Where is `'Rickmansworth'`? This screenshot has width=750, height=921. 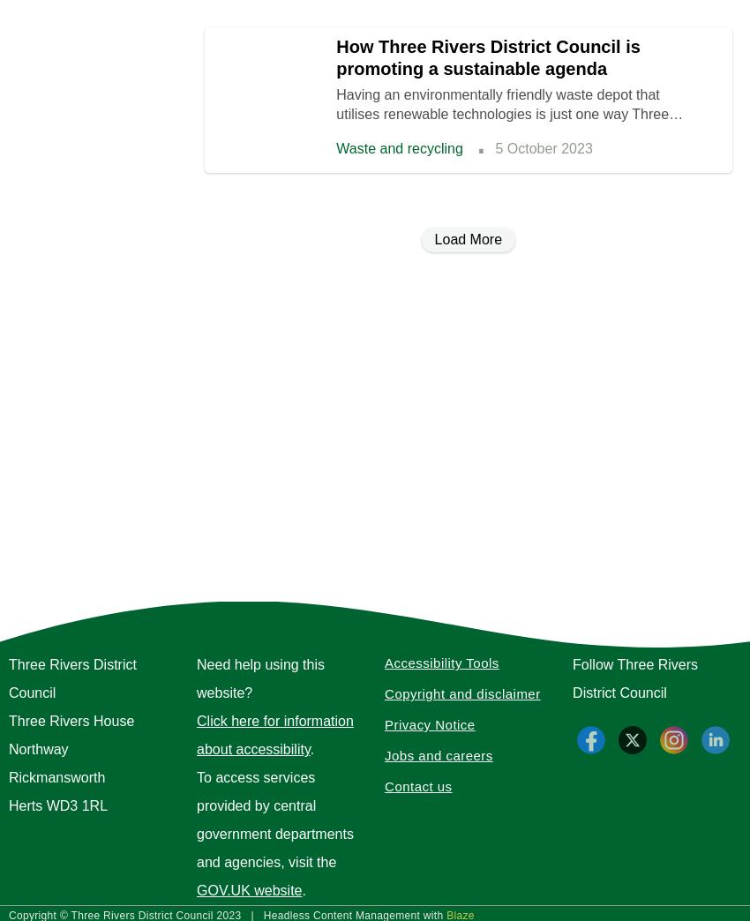
'Rickmansworth' is located at coordinates (8, 777).